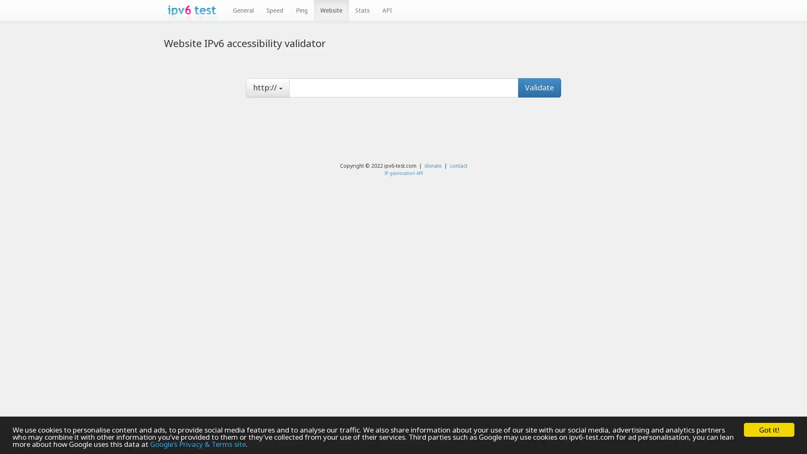 The width and height of the screenshot is (807, 454). Describe the element at coordinates (539, 87) in the screenshot. I see `Validate` at that location.